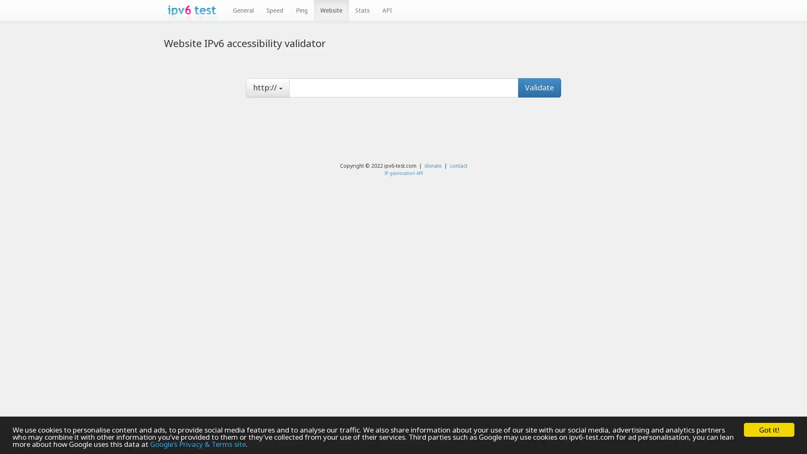 The width and height of the screenshot is (807, 454). Describe the element at coordinates (539, 87) in the screenshot. I see `Validate` at that location.